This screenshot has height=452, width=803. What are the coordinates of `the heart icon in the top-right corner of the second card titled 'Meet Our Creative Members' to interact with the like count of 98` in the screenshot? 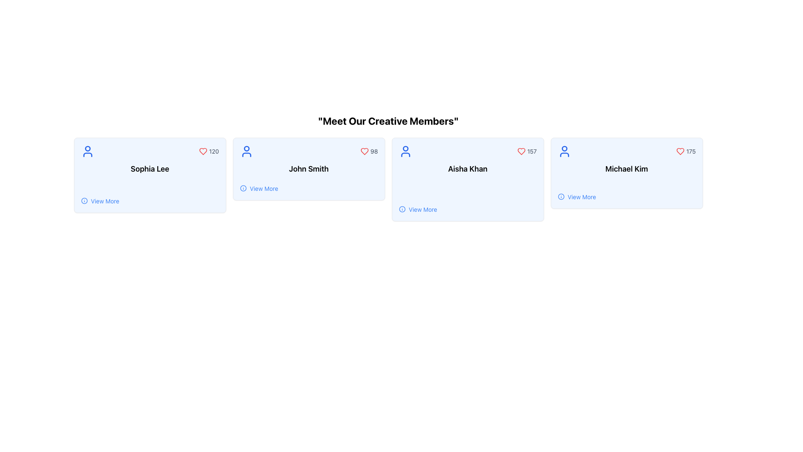 It's located at (368, 152).